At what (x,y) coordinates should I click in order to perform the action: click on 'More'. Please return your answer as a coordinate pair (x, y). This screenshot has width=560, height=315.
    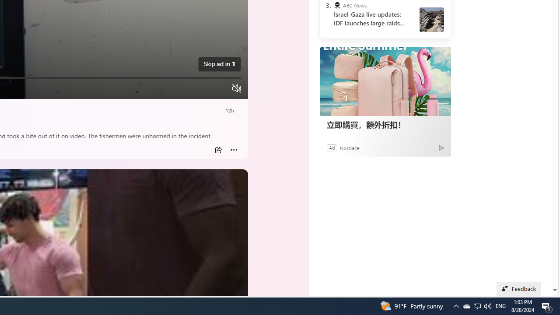
    Looking at the image, I should click on (234, 150).